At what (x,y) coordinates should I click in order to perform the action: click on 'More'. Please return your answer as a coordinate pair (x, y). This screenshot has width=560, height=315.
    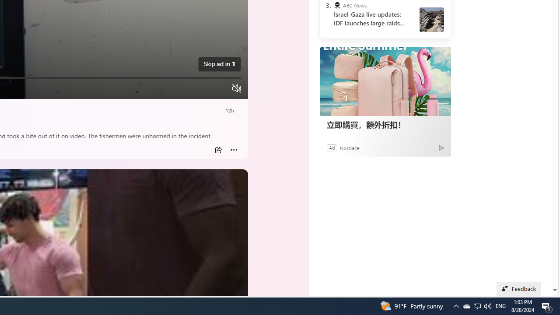
    Looking at the image, I should click on (234, 150).